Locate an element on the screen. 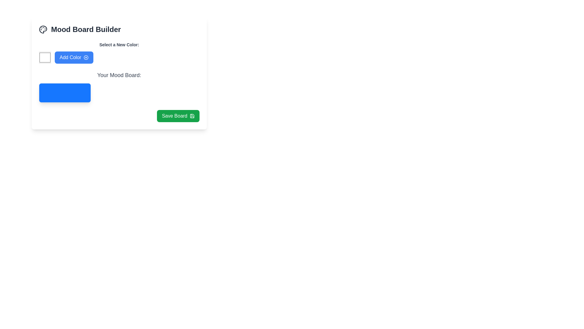 The width and height of the screenshot is (584, 329). the green rectangular 'Save Board' button with rounded corners located at the bottom right corner of the 'Mood Board Builder' card is located at coordinates (178, 116).